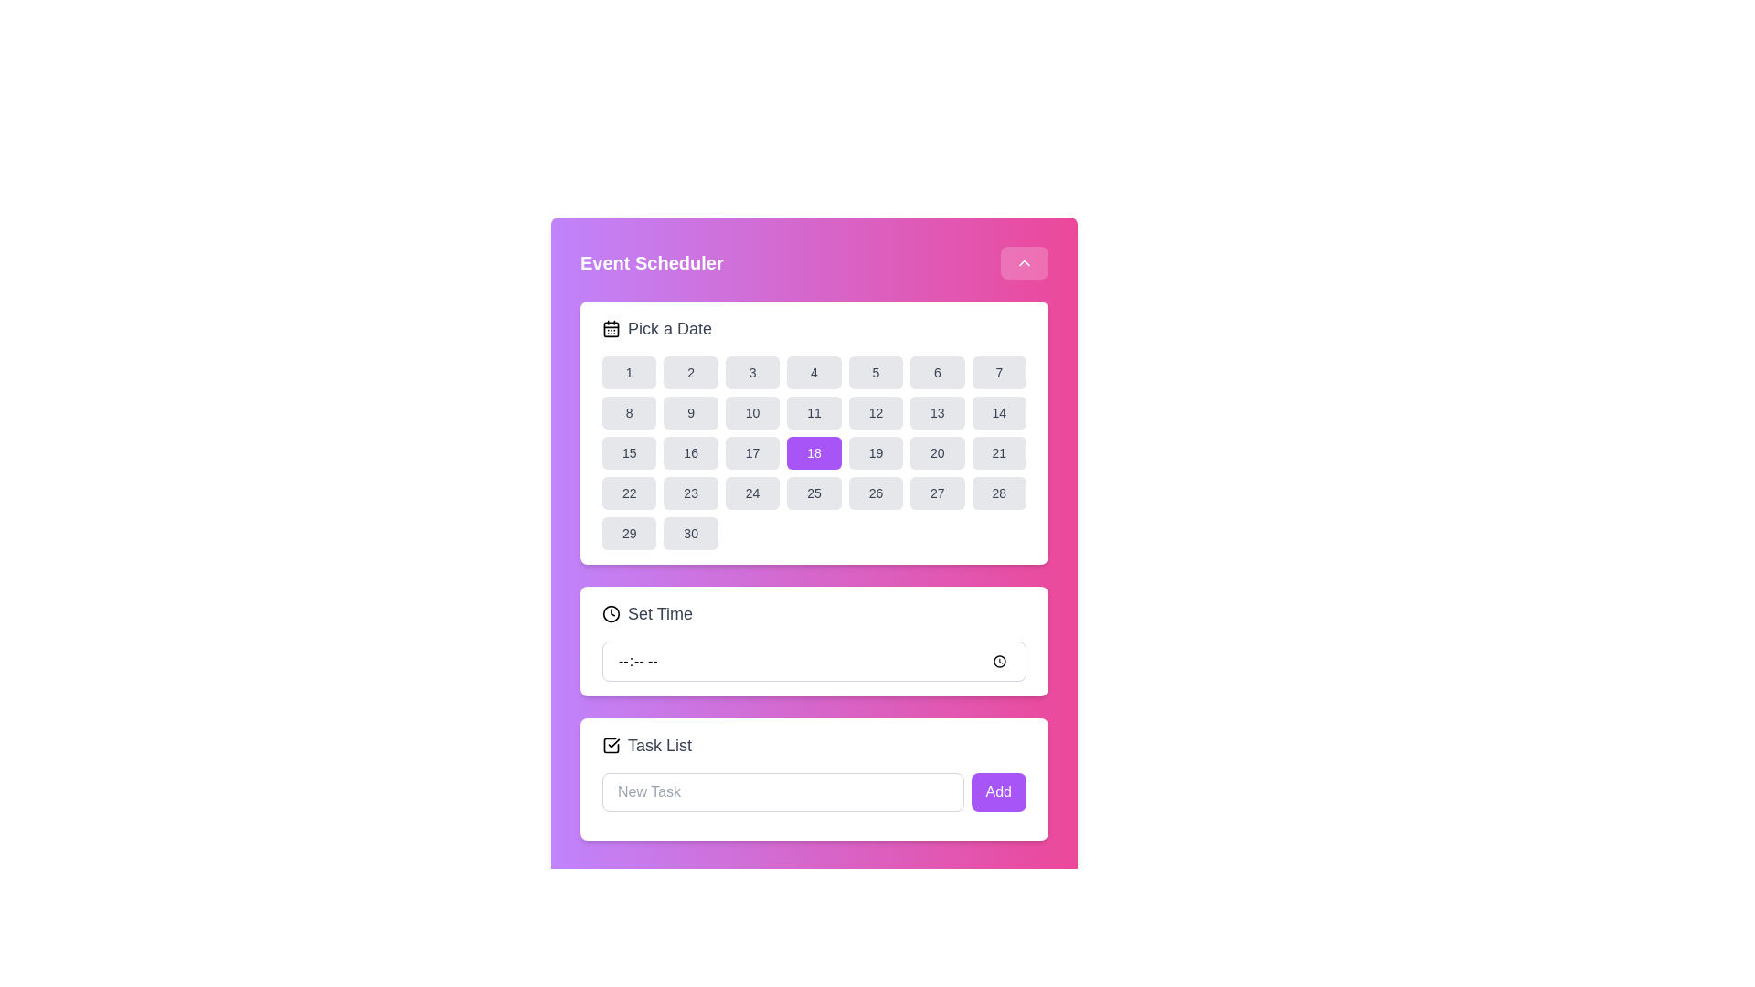 The width and height of the screenshot is (1755, 987). What do you see at coordinates (814, 433) in the screenshot?
I see `a date in the Date Picker component located below the 'Event Scheduler' title` at bounding box center [814, 433].